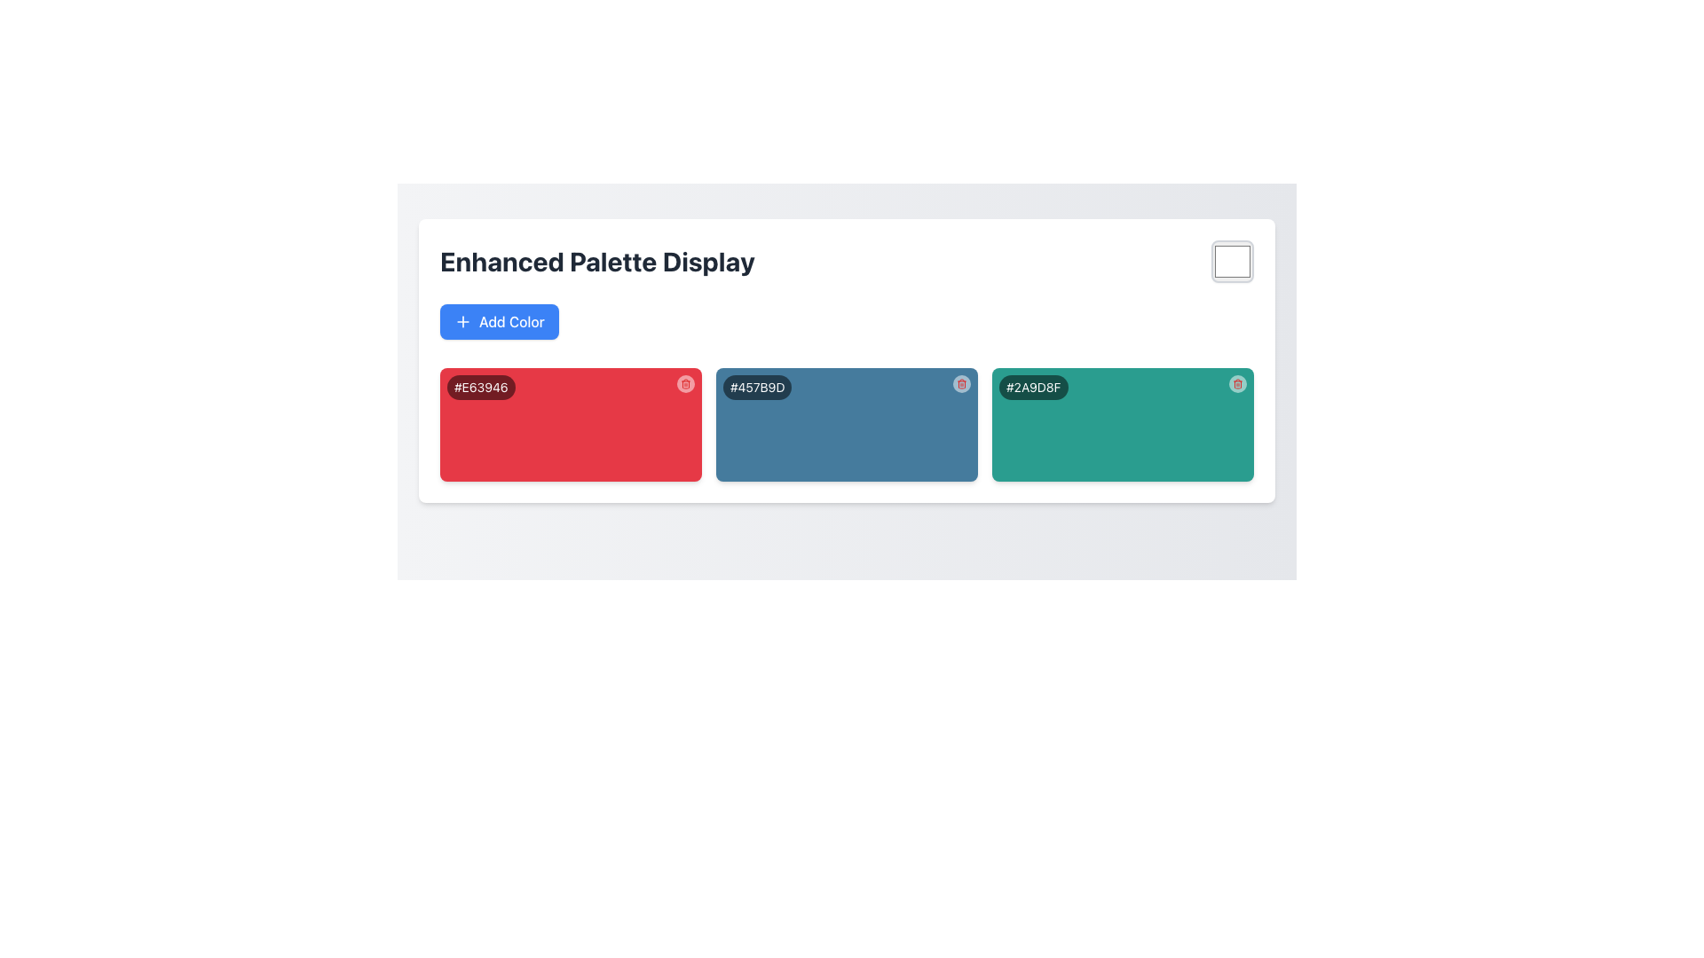 The image size is (1704, 958). Describe the element at coordinates (684, 382) in the screenshot. I see `the delete button, which is a small red trash can icon located in the top-right corner of the red rectangular card displaying the hexadecimal color code '#E63946'` at that location.